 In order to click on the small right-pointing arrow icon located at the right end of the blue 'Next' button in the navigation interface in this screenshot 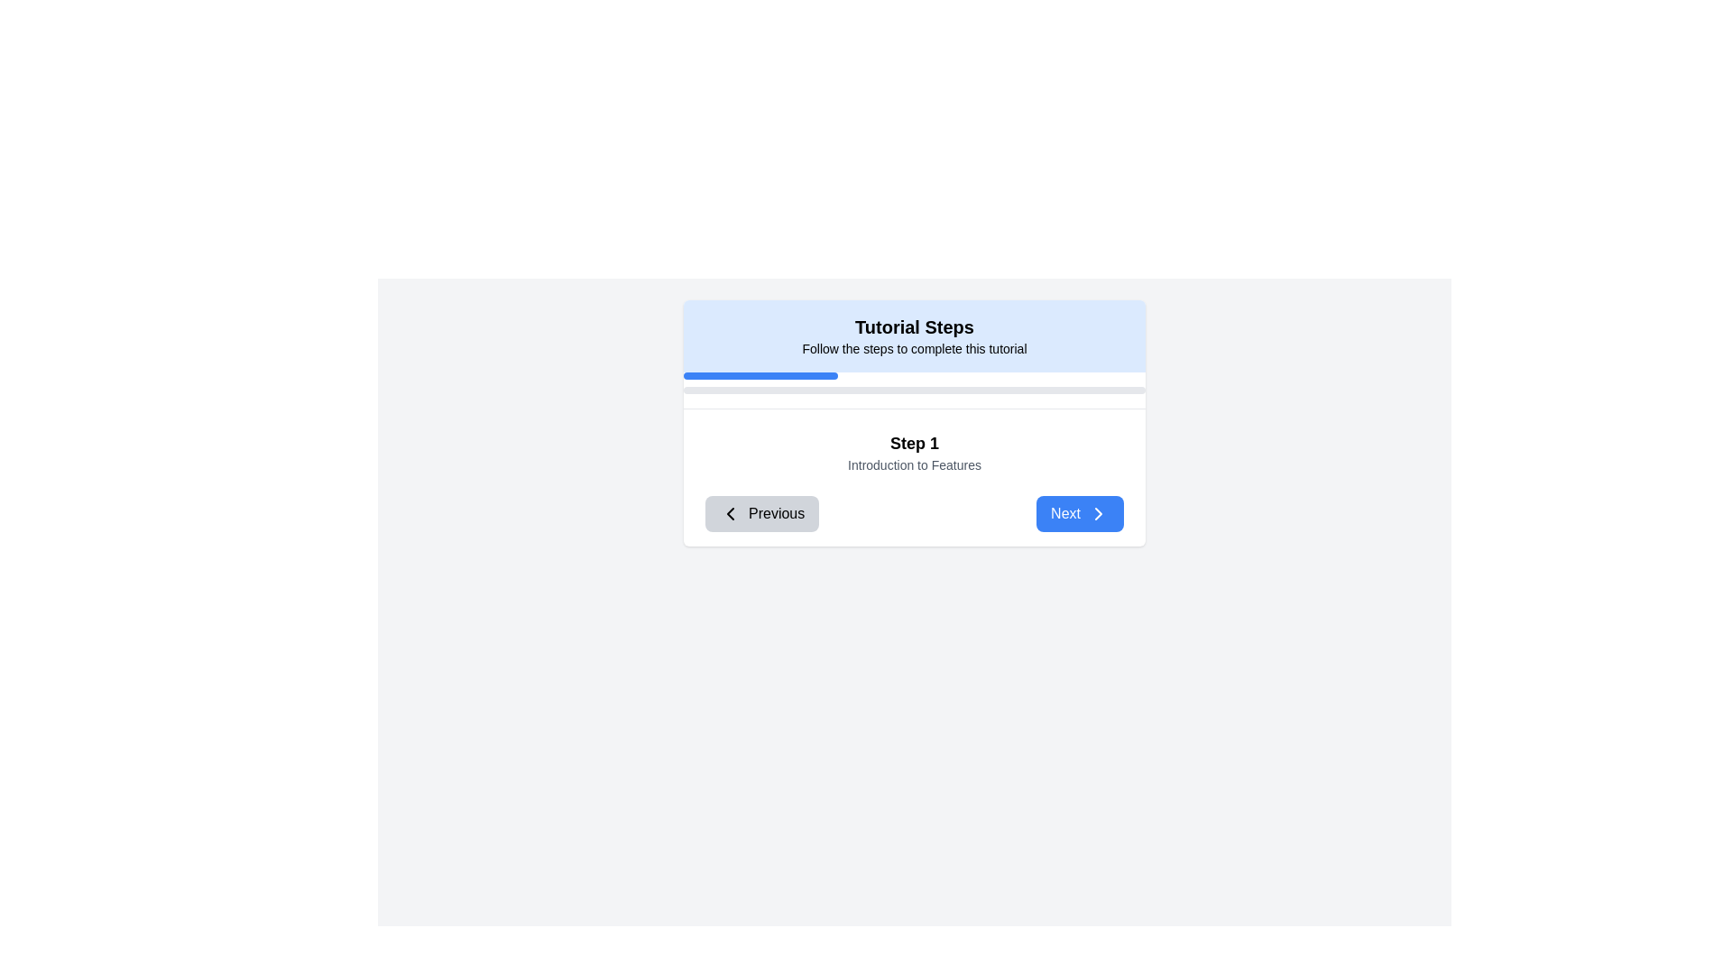, I will do `click(1098, 514)`.